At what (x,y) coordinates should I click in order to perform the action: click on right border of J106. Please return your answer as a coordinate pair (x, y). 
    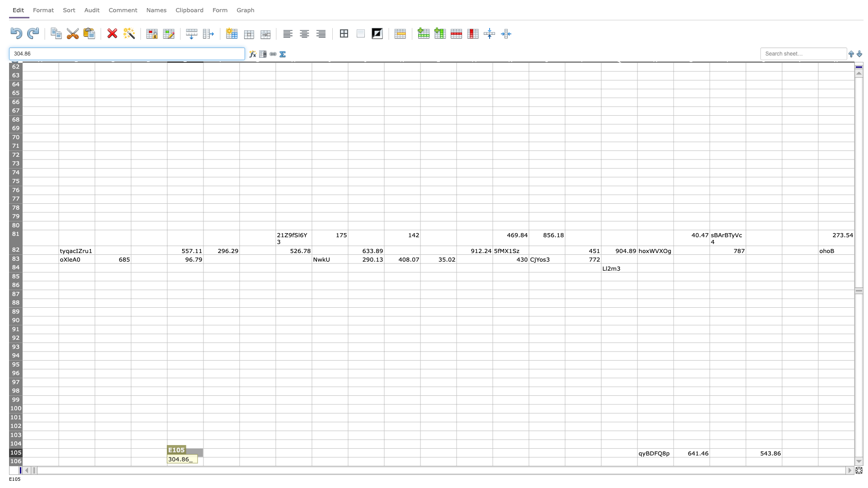
    Looking at the image, I should click on (384, 461).